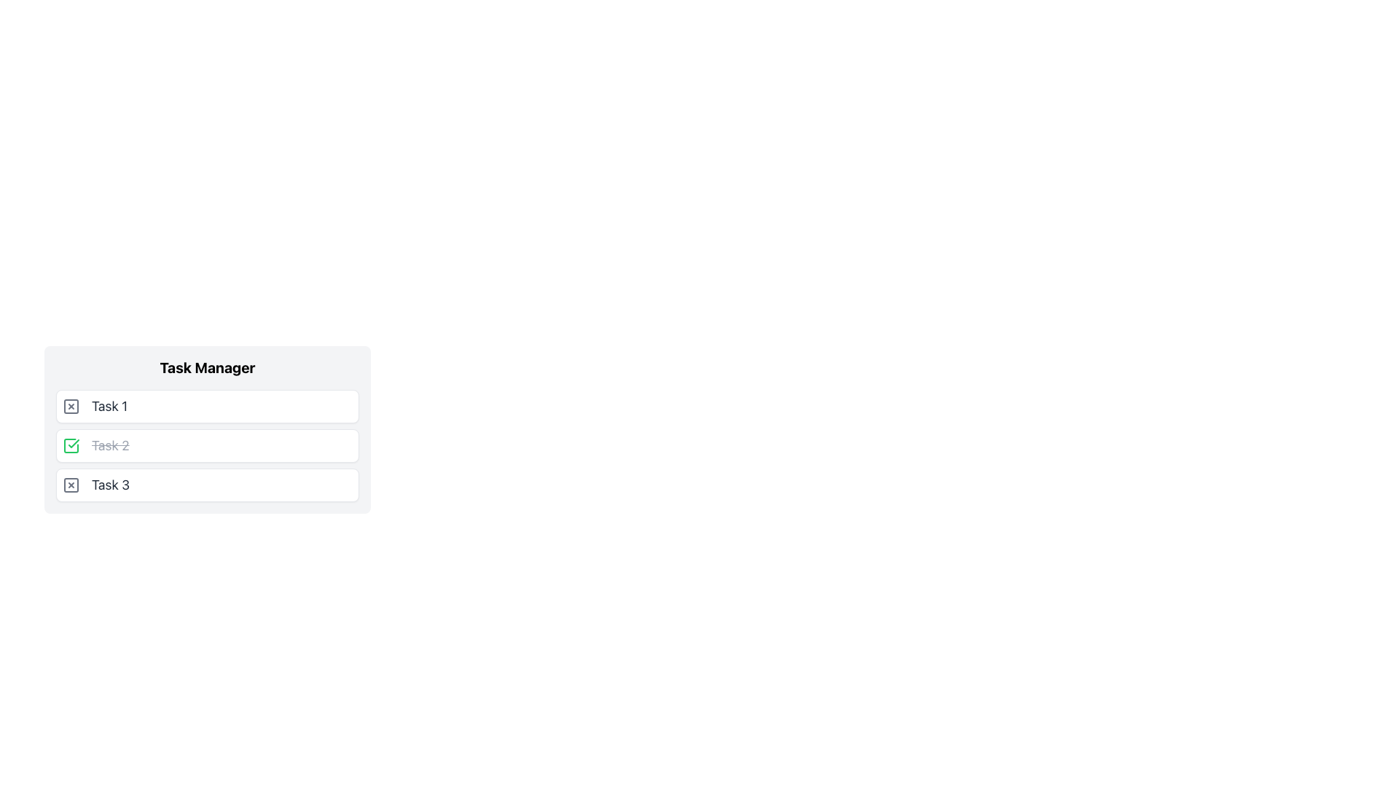 Image resolution: width=1399 pixels, height=787 pixels. Describe the element at coordinates (70, 407) in the screenshot. I see `the close button ('X') located on the far left of the first task entry ('Task 1')` at that location.